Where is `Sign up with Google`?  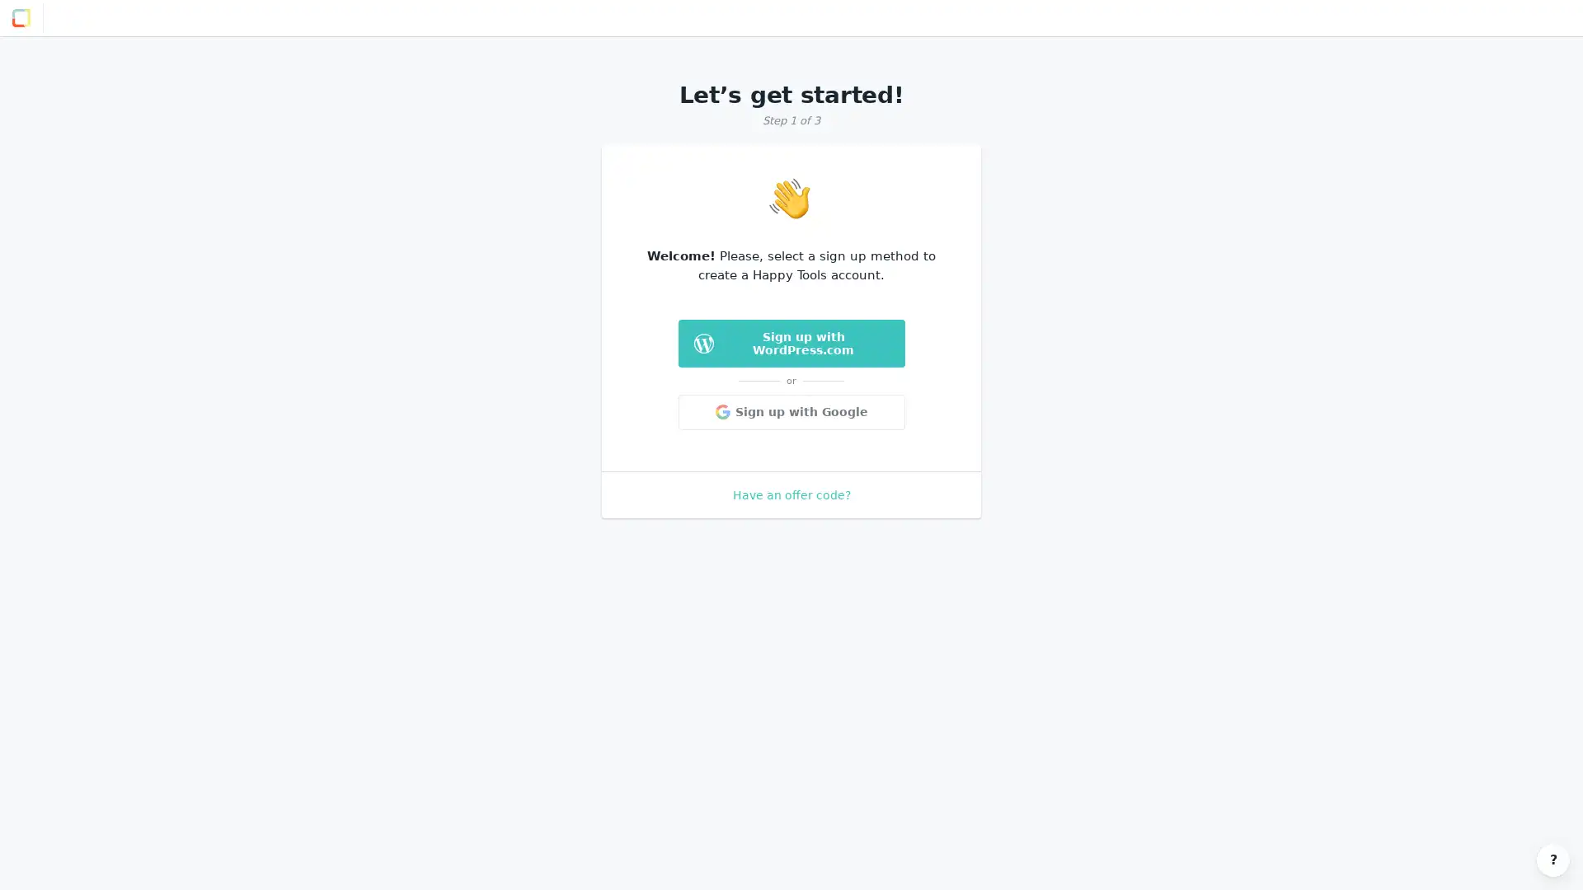
Sign up with Google is located at coordinates (790, 410).